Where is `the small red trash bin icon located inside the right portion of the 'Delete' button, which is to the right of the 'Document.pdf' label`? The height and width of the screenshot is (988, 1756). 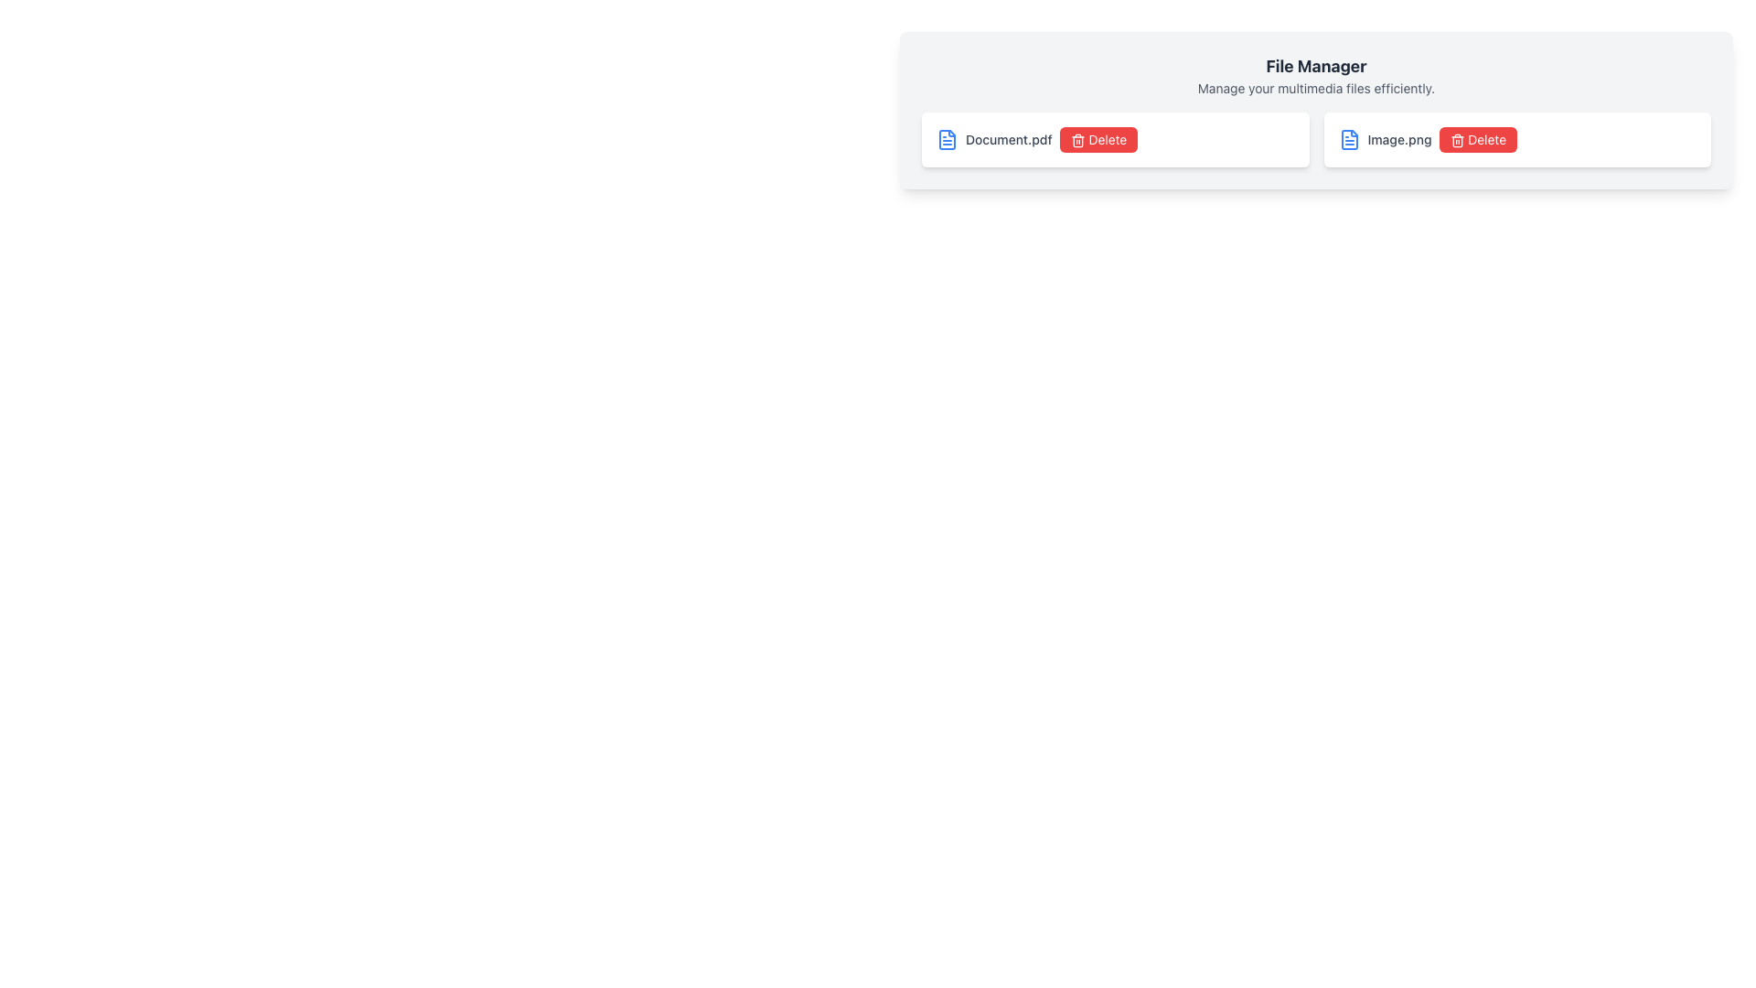 the small red trash bin icon located inside the right portion of the 'Delete' button, which is to the right of the 'Document.pdf' label is located at coordinates (1077, 140).